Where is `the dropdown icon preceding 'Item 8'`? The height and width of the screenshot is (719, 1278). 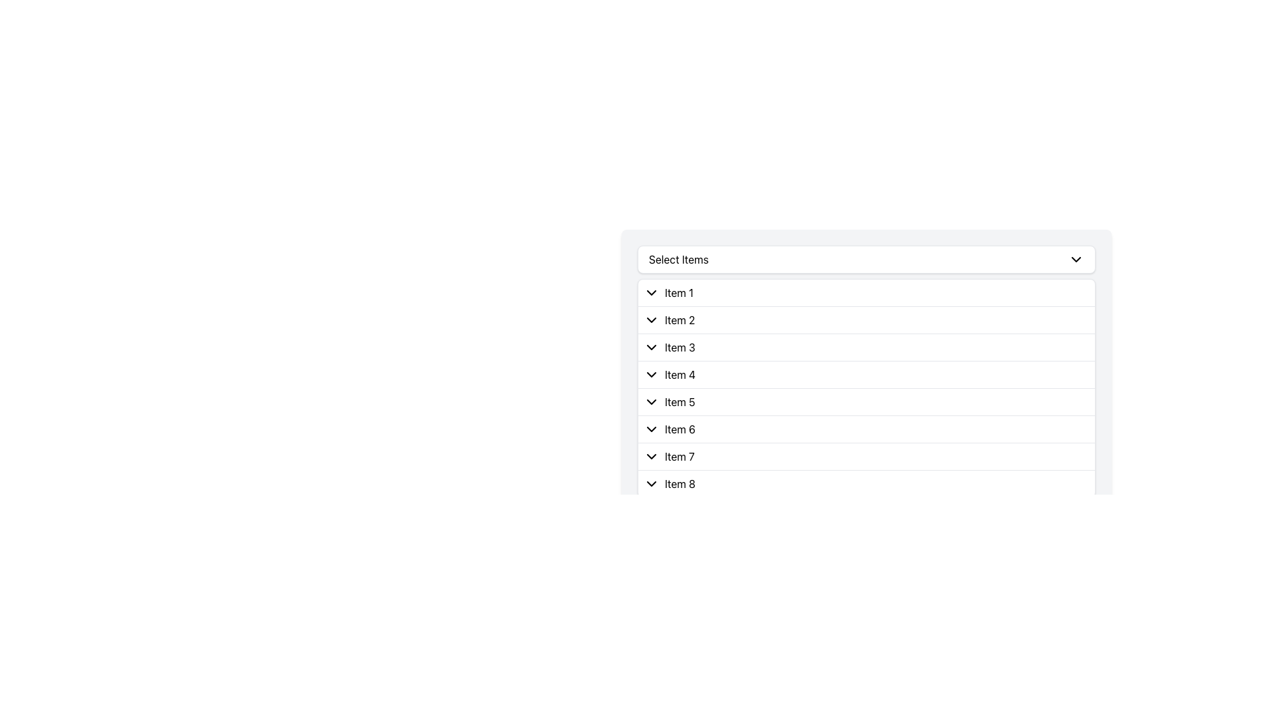 the dropdown icon preceding 'Item 8' is located at coordinates (669, 483).